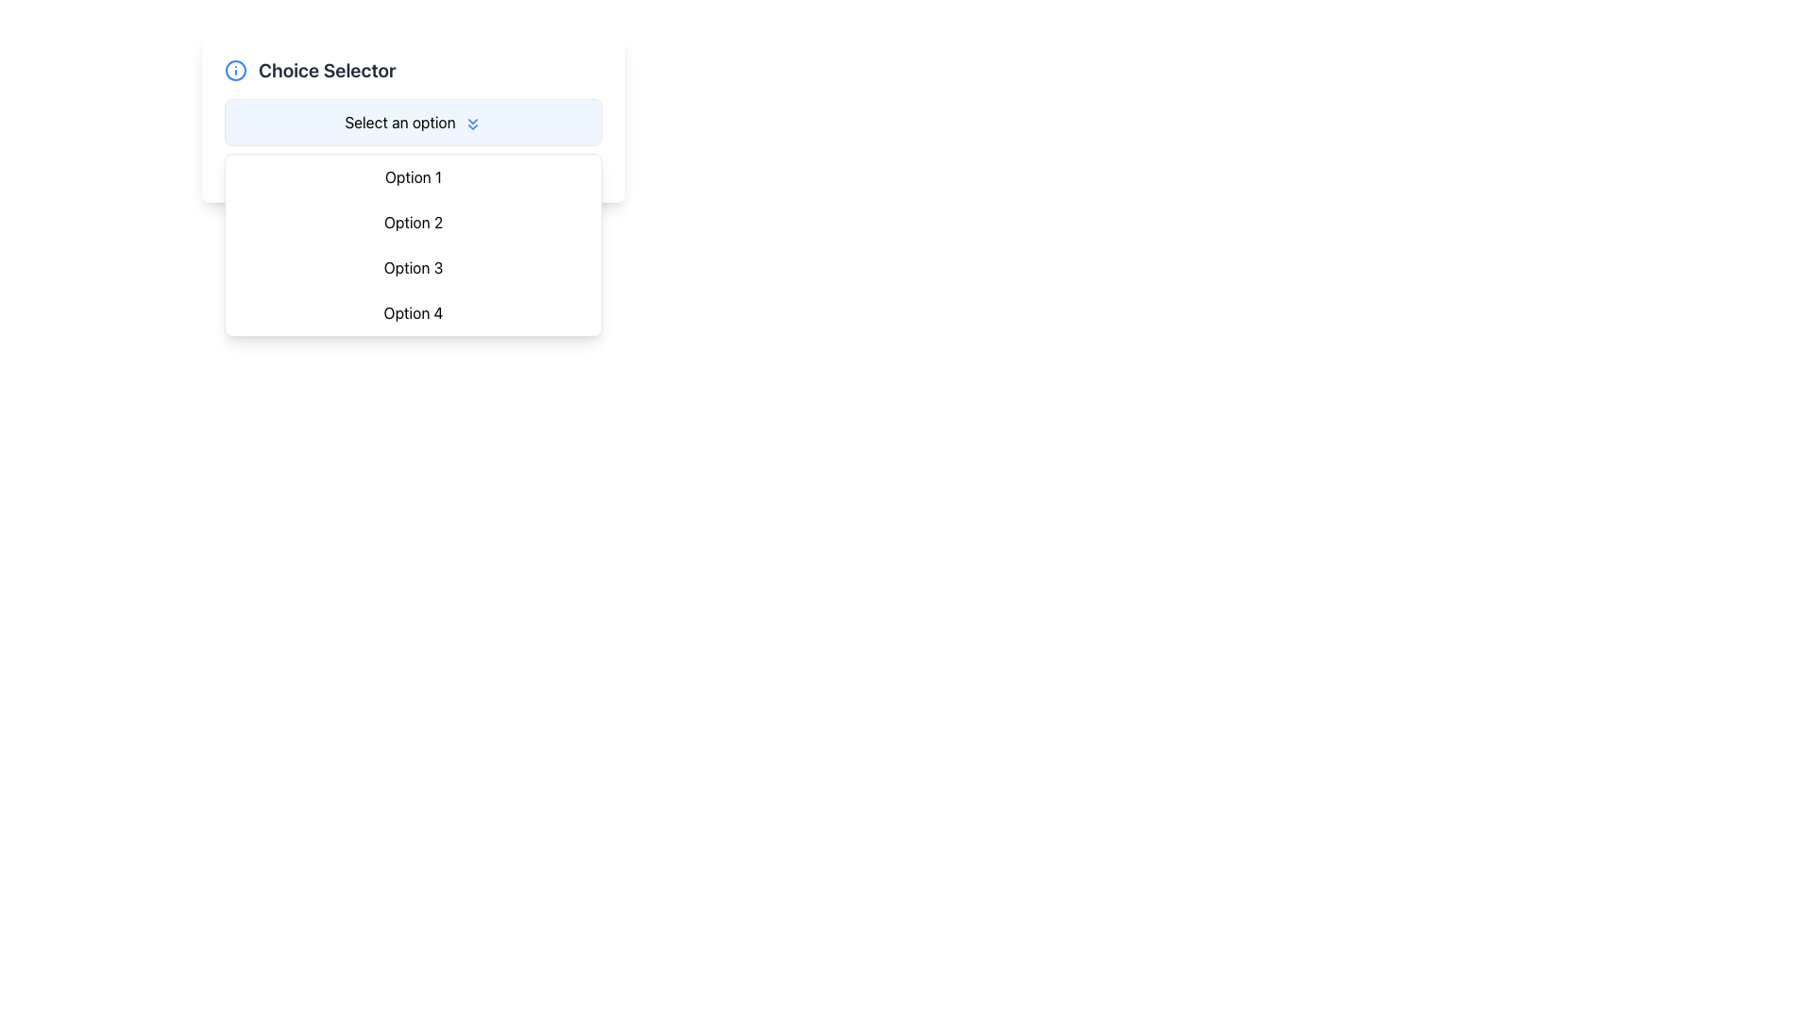 This screenshot has height=1019, width=1813. I want to click on the Dropdown toggle icon (double chevrons) located to the right of the text 'Select an option' in a light blue field, so click(472, 124).